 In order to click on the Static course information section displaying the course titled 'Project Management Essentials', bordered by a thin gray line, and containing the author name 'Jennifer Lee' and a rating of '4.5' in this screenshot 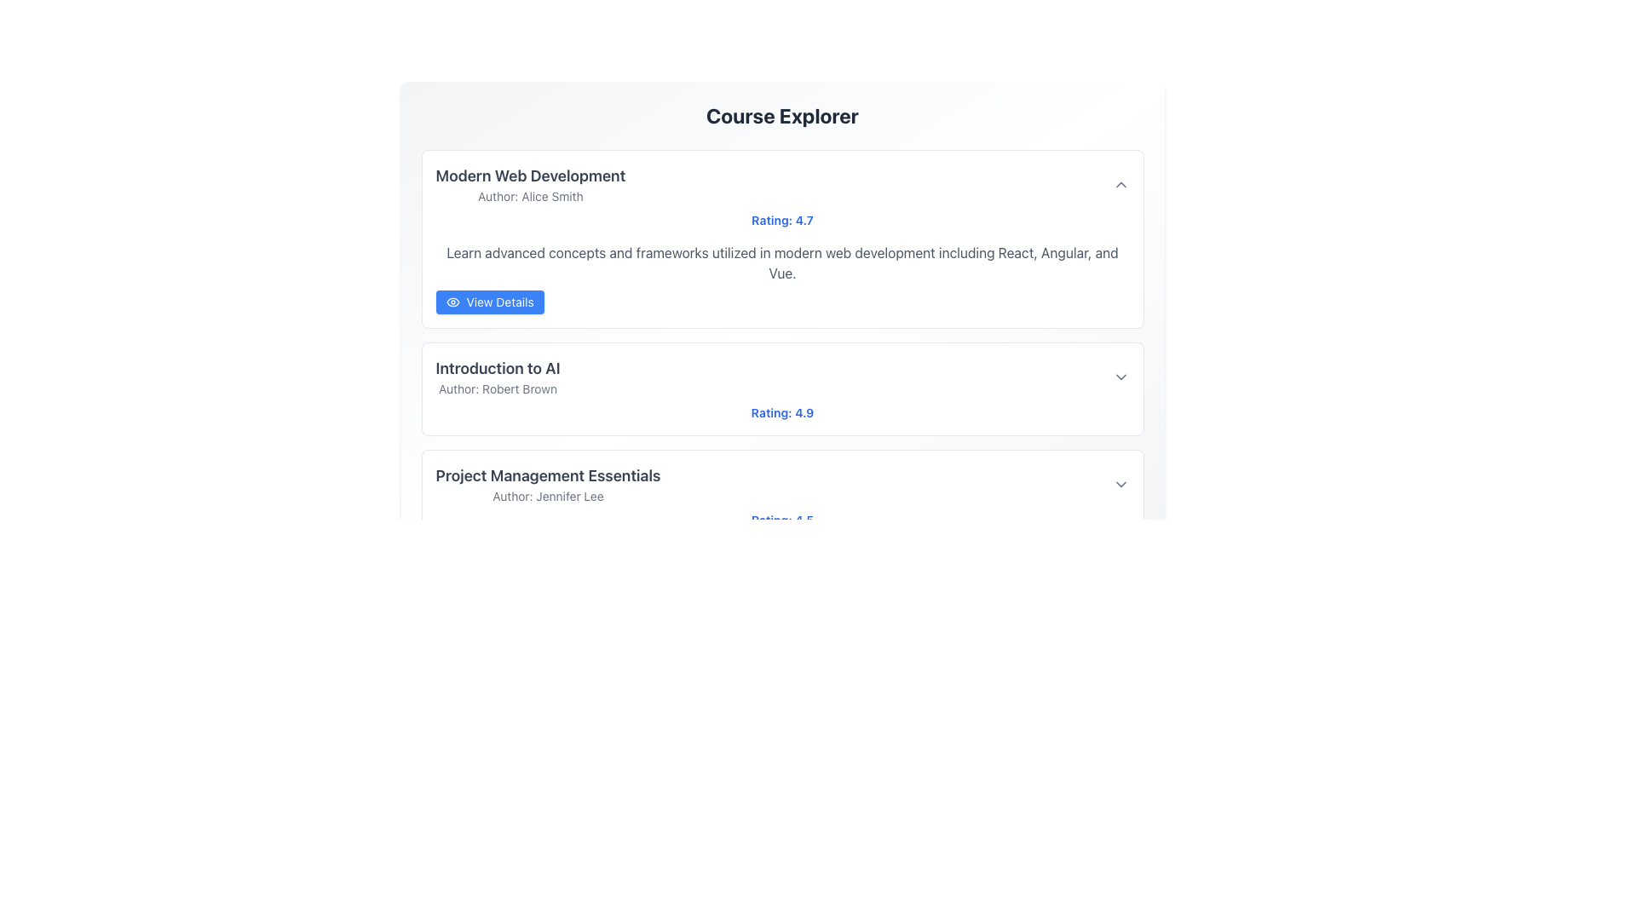, I will do `click(781, 496)`.